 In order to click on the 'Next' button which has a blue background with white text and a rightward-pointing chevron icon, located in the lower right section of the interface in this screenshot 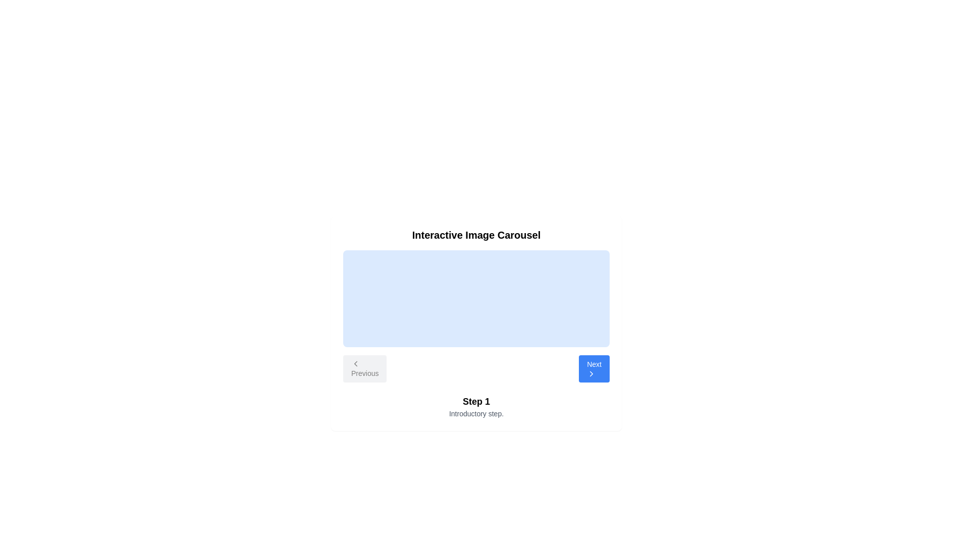, I will do `click(594, 369)`.